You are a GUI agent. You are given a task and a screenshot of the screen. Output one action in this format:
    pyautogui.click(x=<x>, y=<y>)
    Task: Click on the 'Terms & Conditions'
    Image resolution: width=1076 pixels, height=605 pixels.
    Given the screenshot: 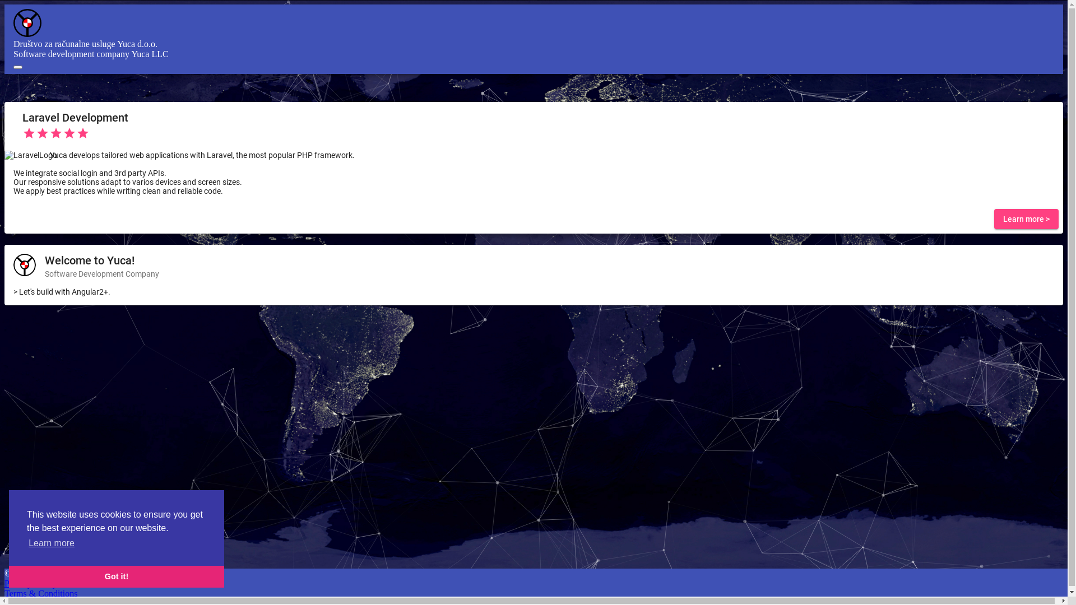 What is the action you would take?
    pyautogui.click(x=40, y=593)
    